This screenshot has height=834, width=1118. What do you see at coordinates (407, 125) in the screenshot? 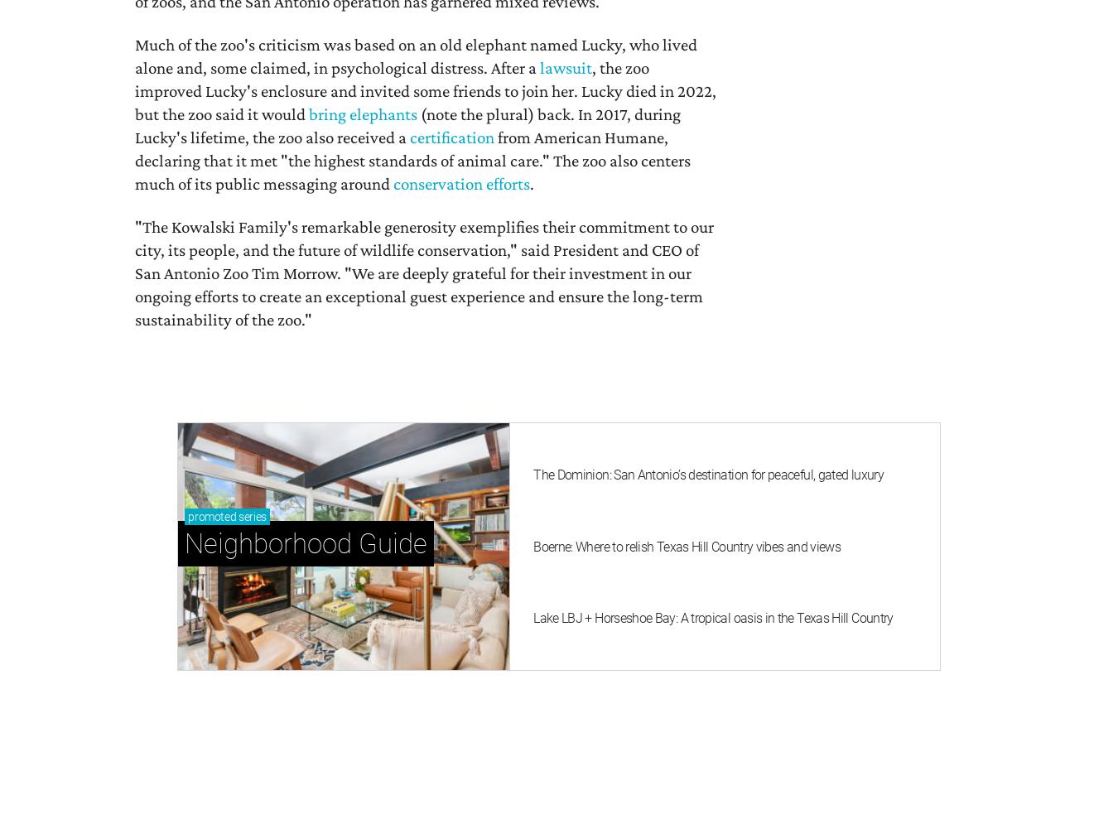
I see `'(note the plural) back. In 2017, during Lucky's lifetime, the zoo also received a'` at bounding box center [407, 125].